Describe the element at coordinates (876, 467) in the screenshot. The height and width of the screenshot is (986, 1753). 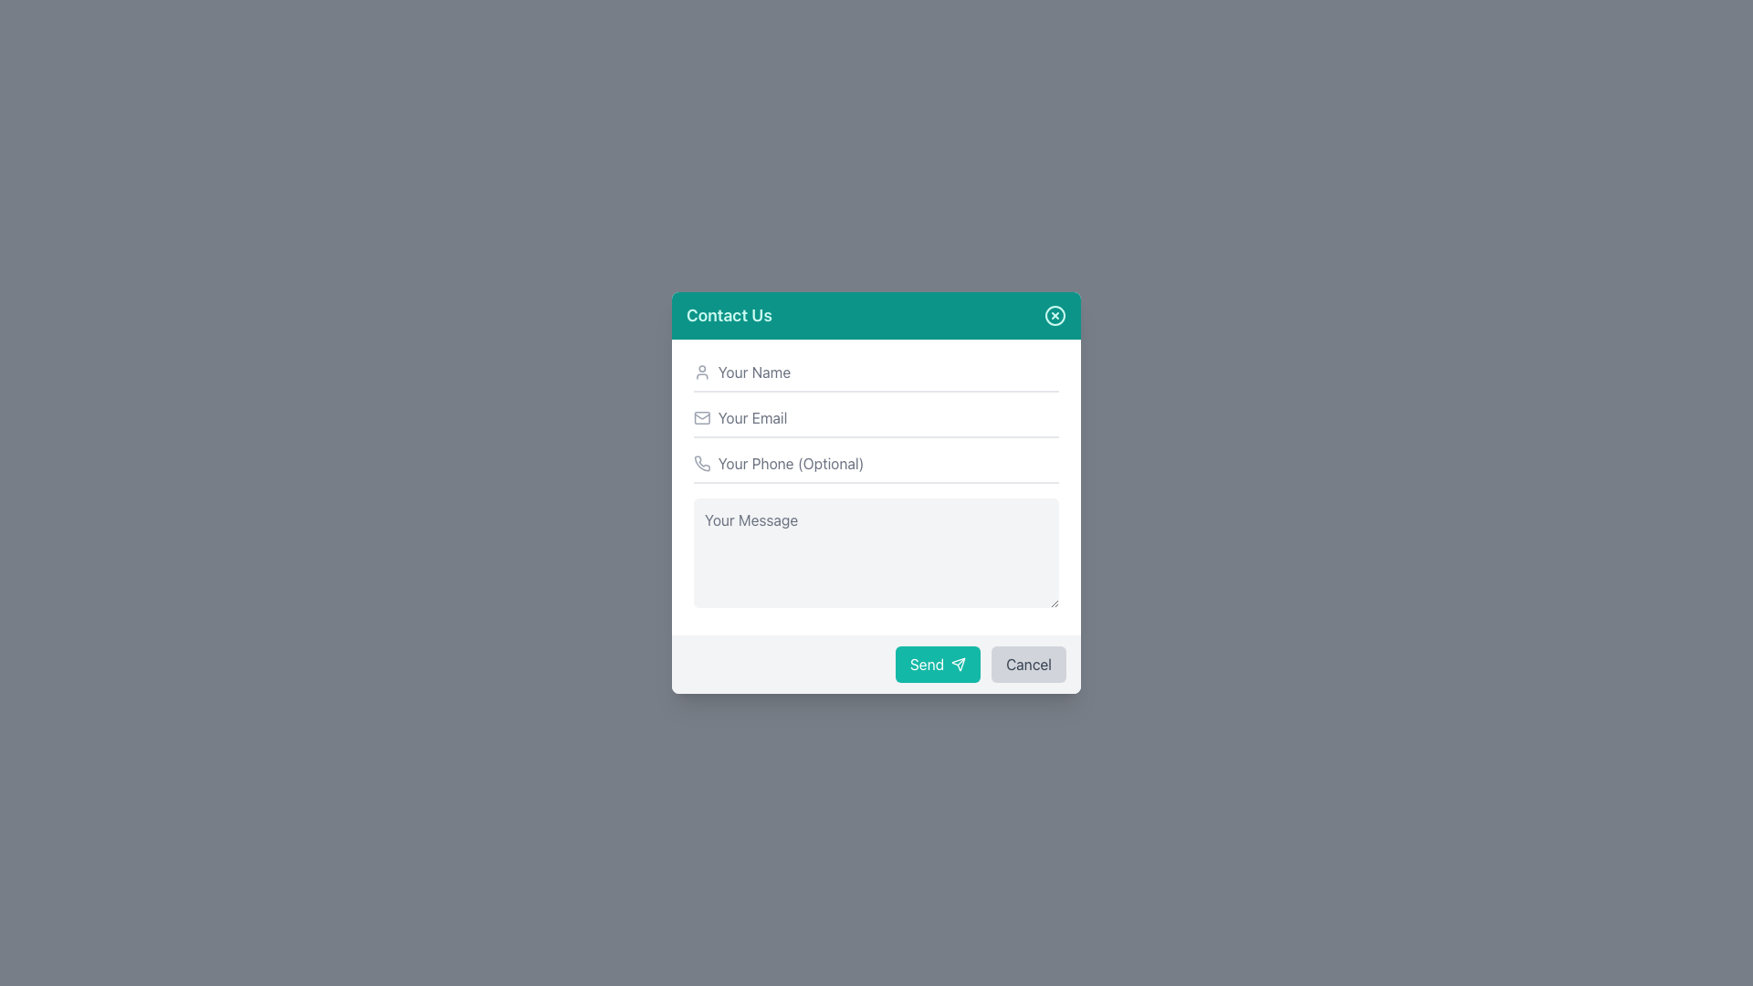
I see `the phone input field labeled 'Your Phone (Optional)' to focus on it` at that location.